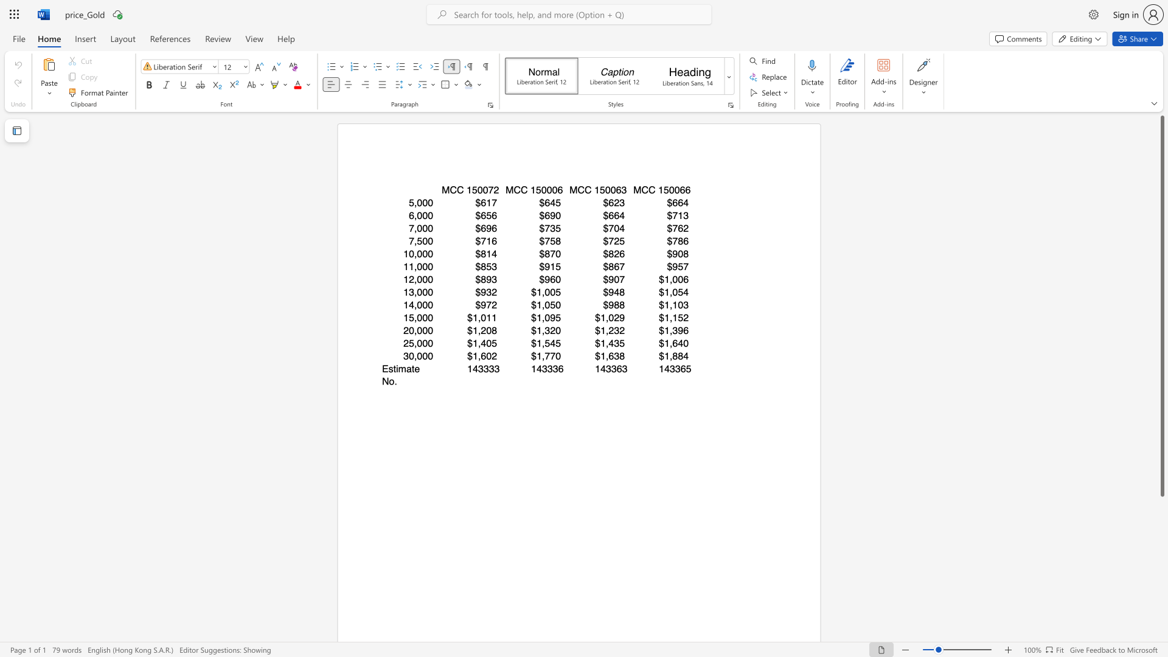 The height and width of the screenshot is (657, 1168). What do you see at coordinates (1161, 620) in the screenshot?
I see `the scrollbar on the right` at bounding box center [1161, 620].